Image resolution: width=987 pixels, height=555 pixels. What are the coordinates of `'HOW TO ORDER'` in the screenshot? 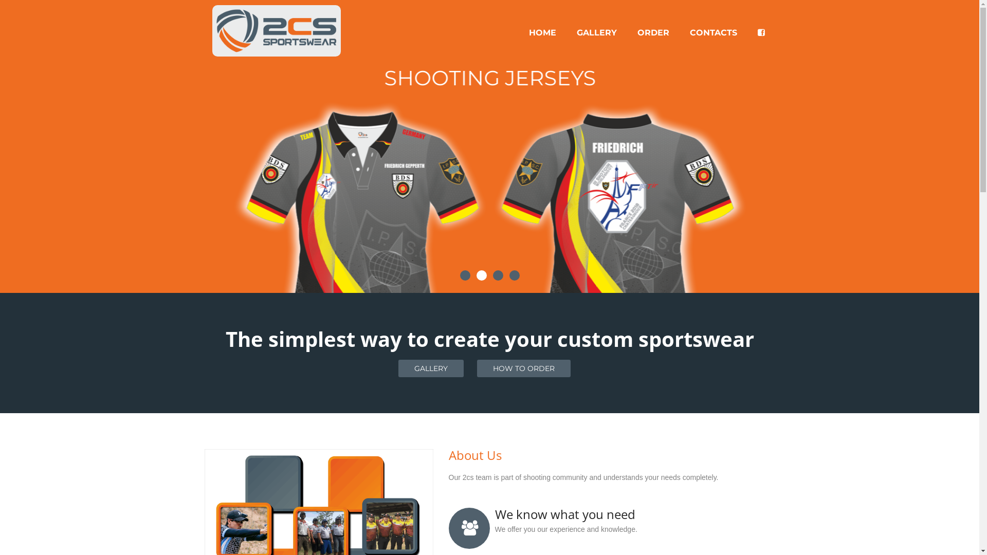 It's located at (523, 368).